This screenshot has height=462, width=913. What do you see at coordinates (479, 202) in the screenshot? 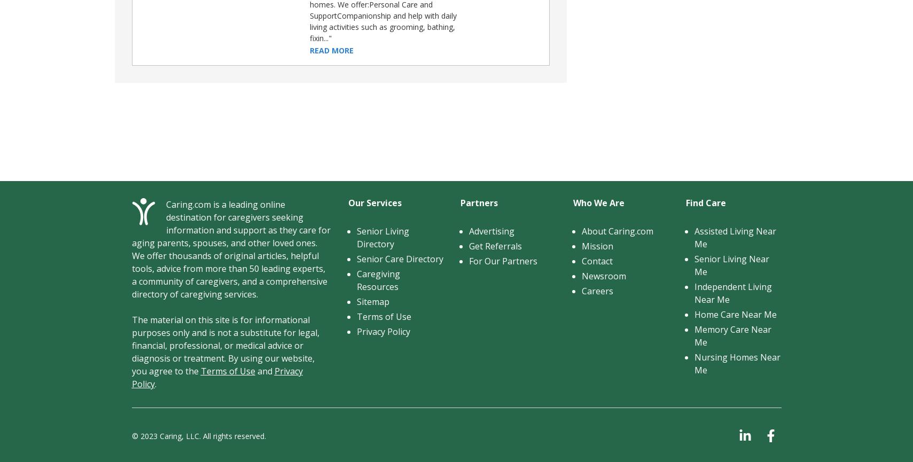
I see `'Partners'` at bounding box center [479, 202].